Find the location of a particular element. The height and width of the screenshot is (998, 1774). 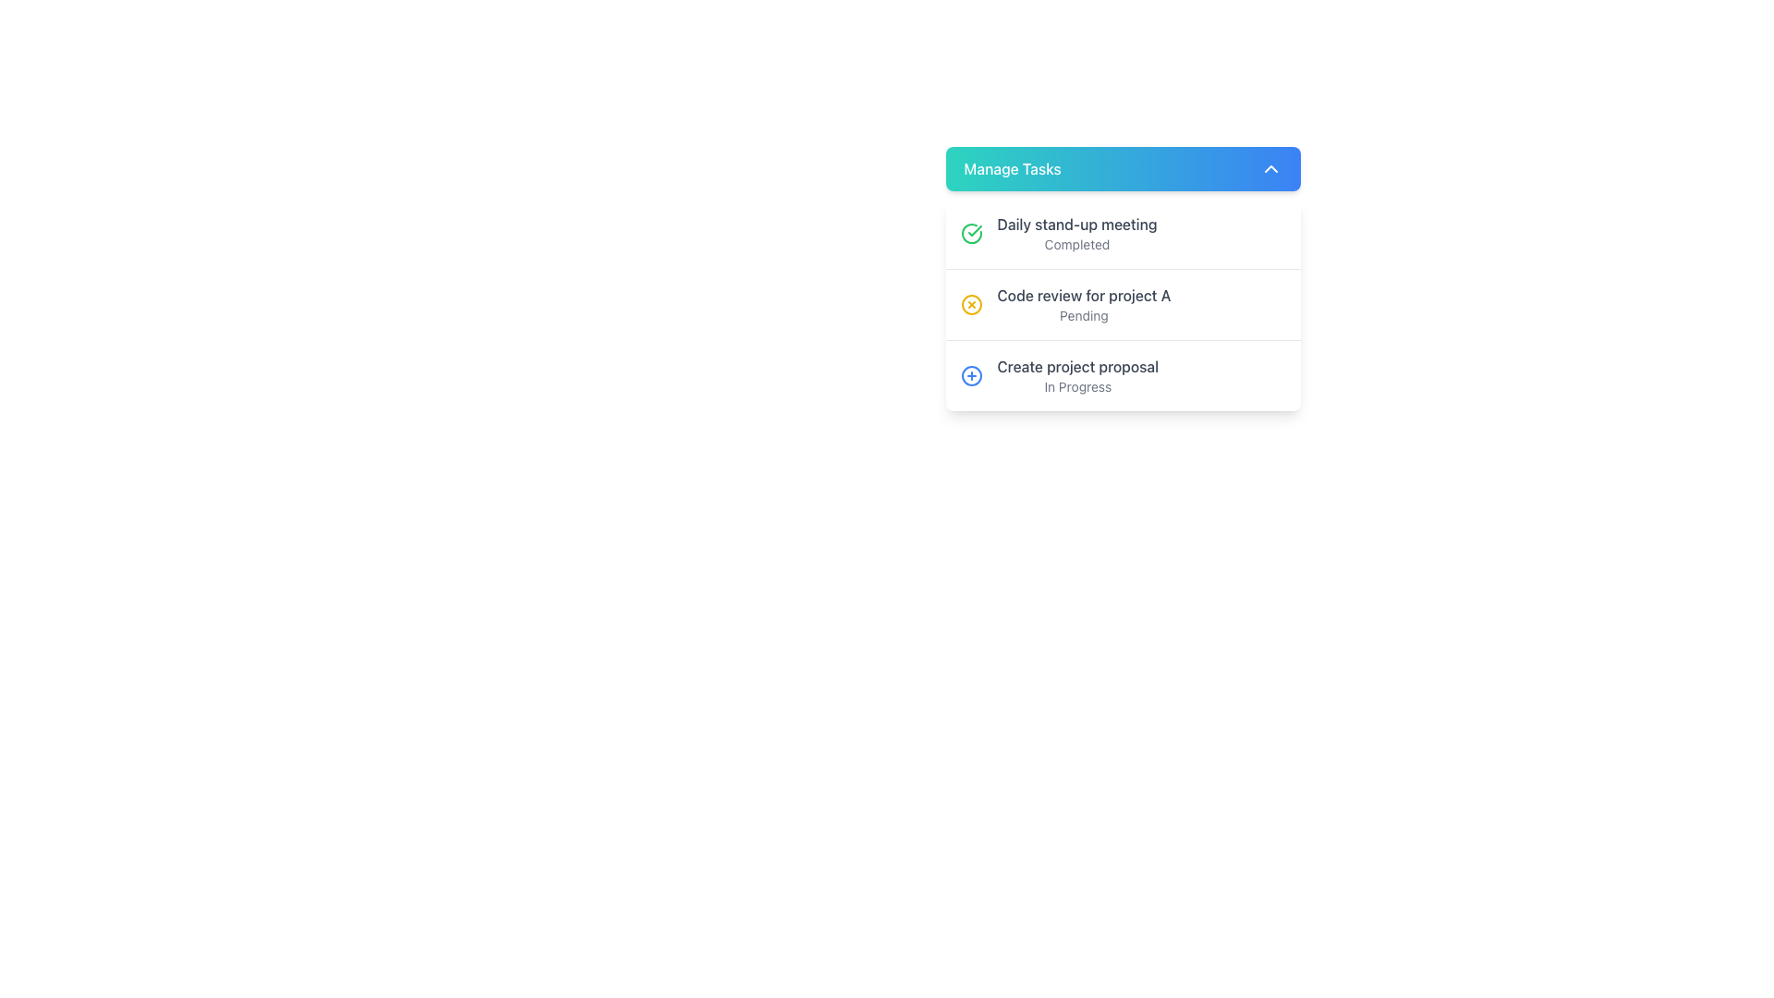

the add or create new item button located in the leftmost region of the 'Create project proposal' row in the task list is located at coordinates (970, 375).